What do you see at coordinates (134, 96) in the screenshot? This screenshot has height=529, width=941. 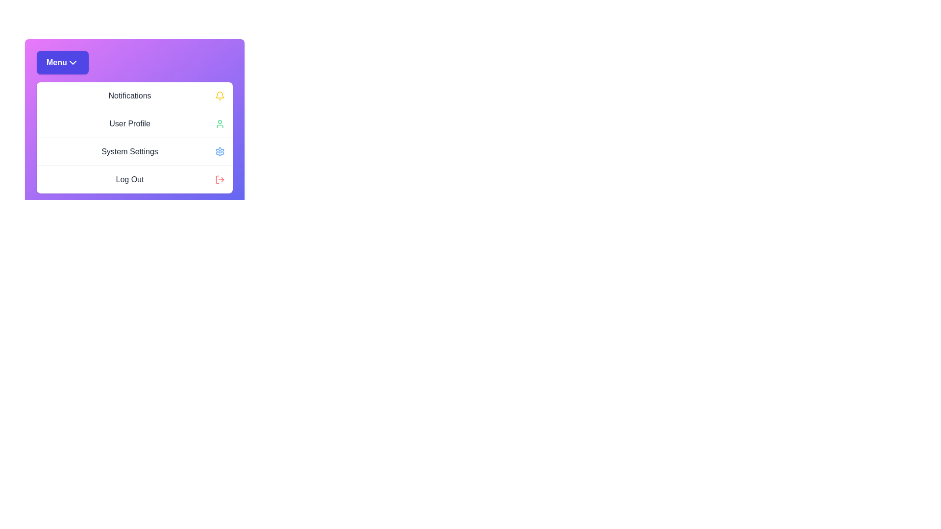 I see `the menu item Notifications` at bounding box center [134, 96].